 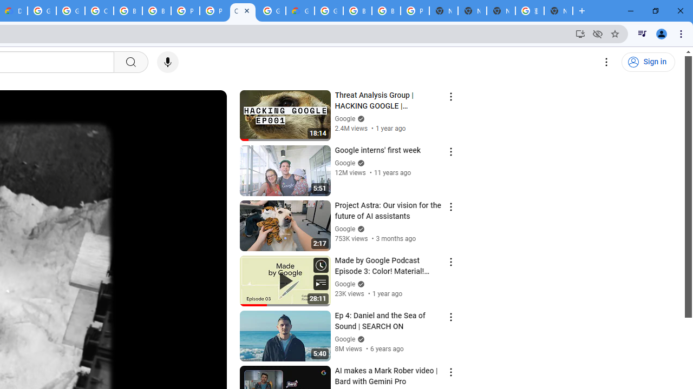 What do you see at coordinates (580, 33) in the screenshot?
I see `'Install YouTube'` at bounding box center [580, 33].